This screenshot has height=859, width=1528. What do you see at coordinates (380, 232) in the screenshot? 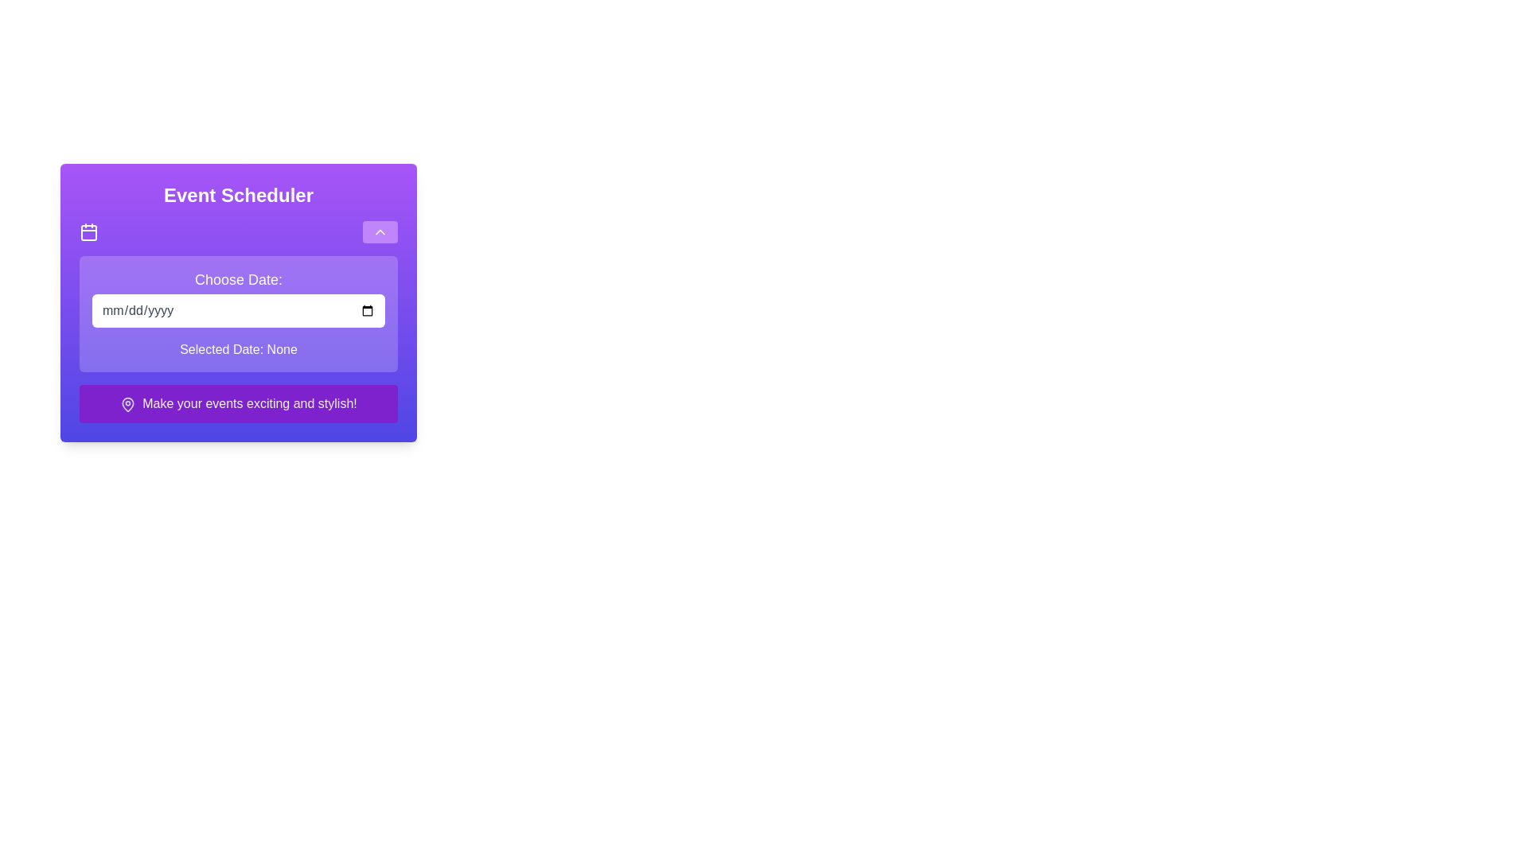
I see `the upward-pointing chevron icon located within the purple rectangular button at the top-right corner of the 'Event Scheduler' card to initiate its function` at bounding box center [380, 232].